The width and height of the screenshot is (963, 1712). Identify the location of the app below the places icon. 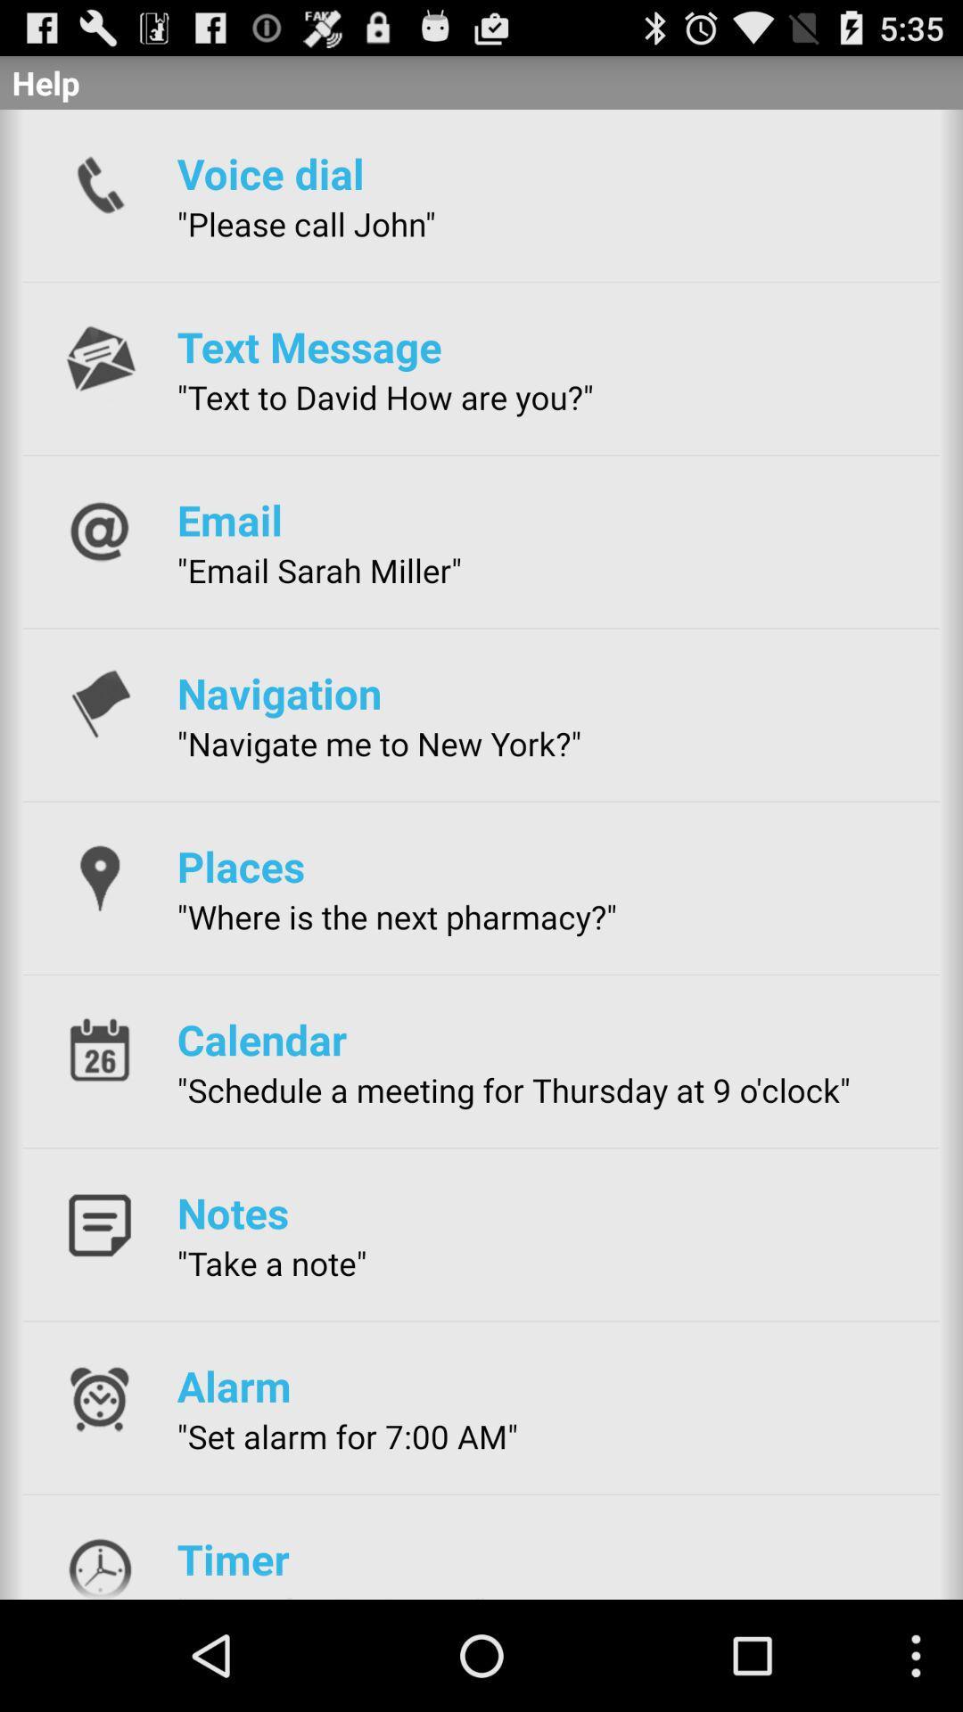
(396, 917).